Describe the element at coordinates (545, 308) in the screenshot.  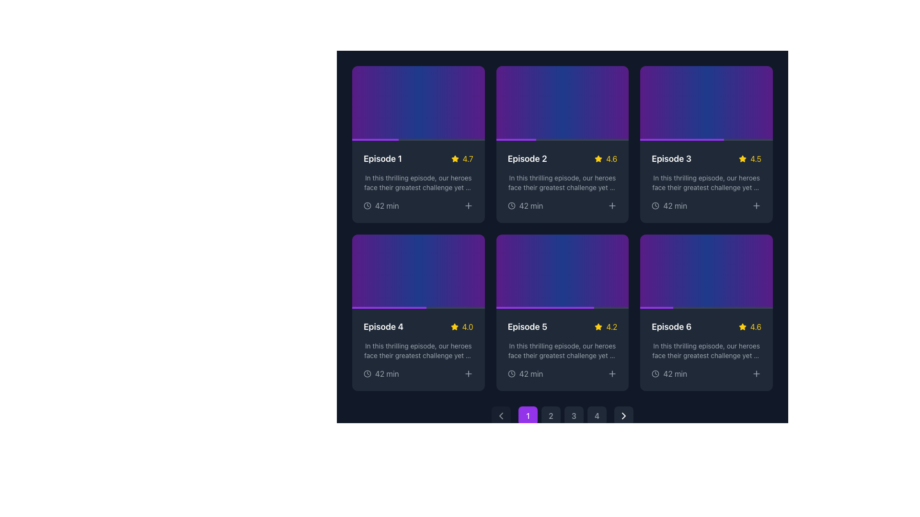
I see `the visual progress representation of the progress indicator for 'Episode 5', which occupies the leftmost 74% of the progress bar` at that location.